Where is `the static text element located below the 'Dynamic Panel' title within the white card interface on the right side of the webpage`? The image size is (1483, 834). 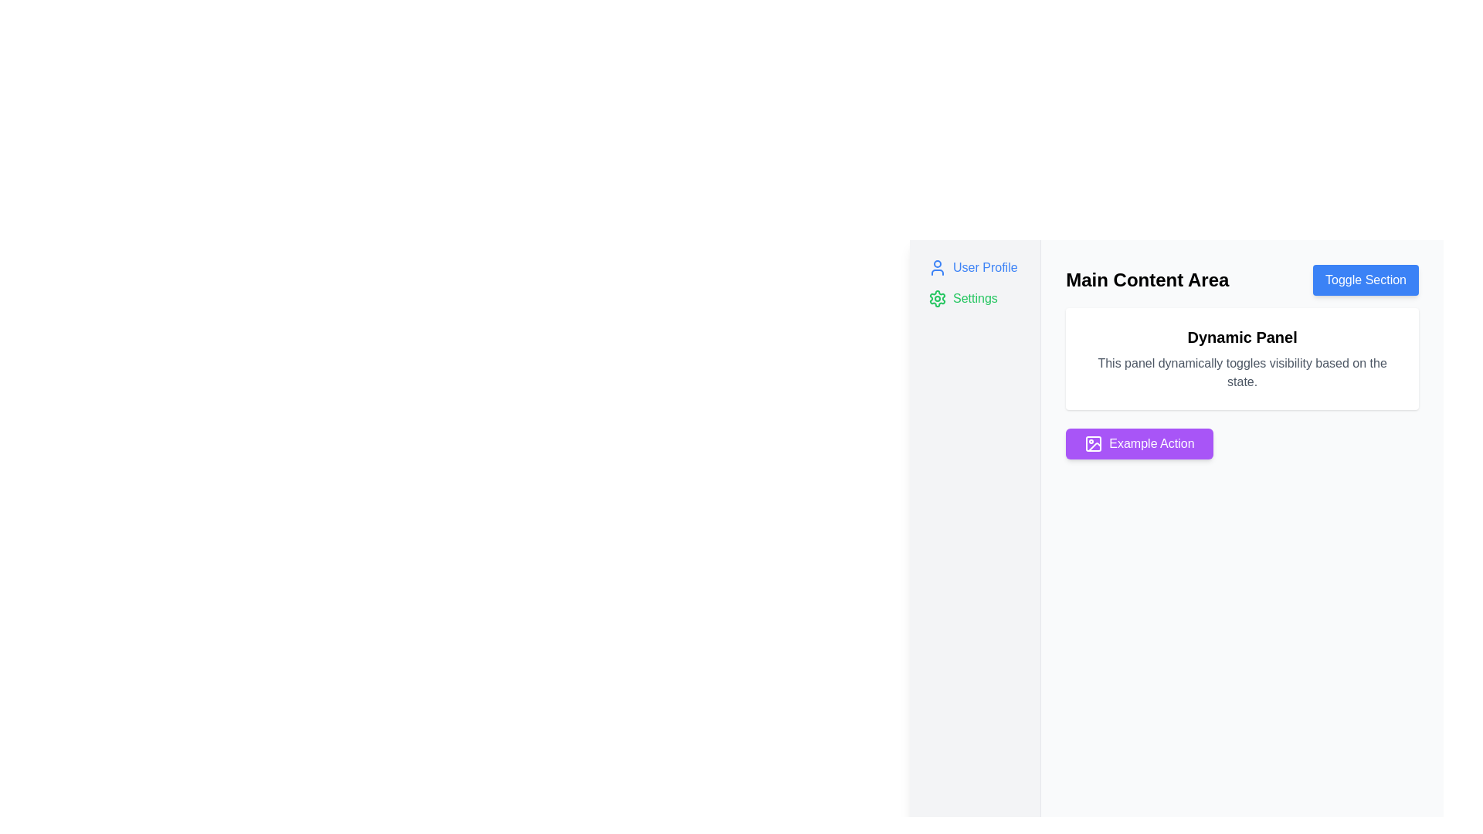
the static text element located below the 'Dynamic Panel' title within the white card interface on the right side of the webpage is located at coordinates (1242, 372).